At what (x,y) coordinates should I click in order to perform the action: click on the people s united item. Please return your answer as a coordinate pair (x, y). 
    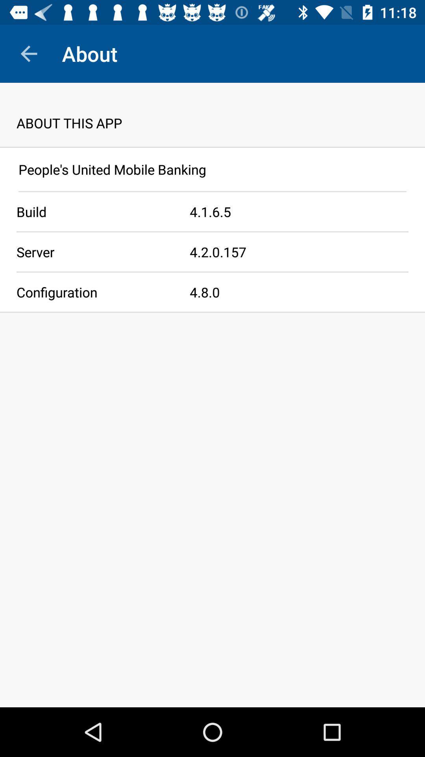
    Looking at the image, I should click on (213, 169).